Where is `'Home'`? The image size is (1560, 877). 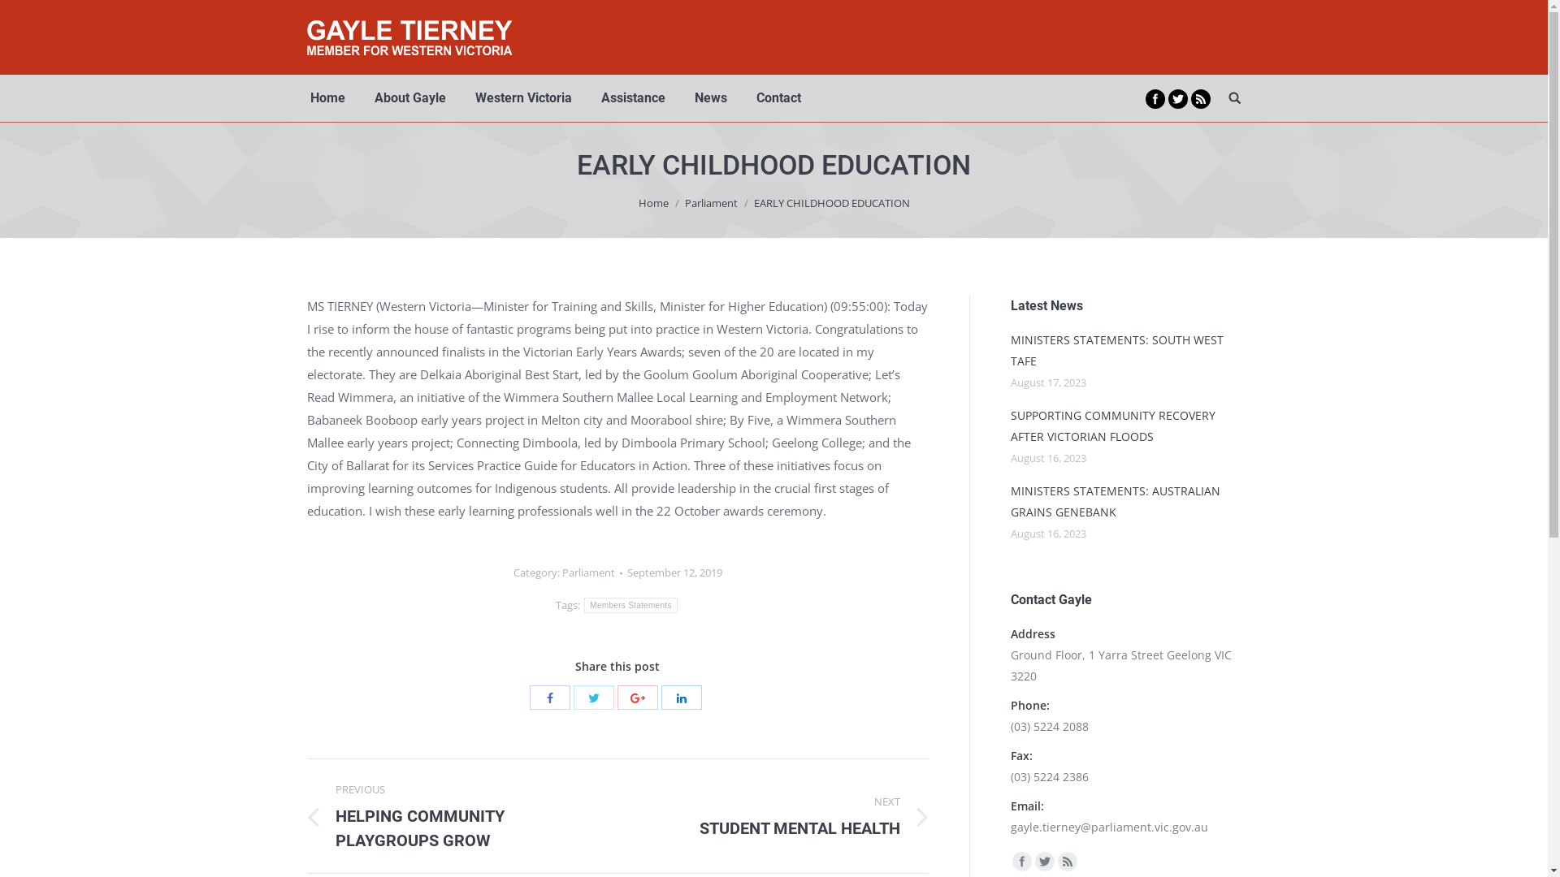 'Home' is located at coordinates (653, 202).